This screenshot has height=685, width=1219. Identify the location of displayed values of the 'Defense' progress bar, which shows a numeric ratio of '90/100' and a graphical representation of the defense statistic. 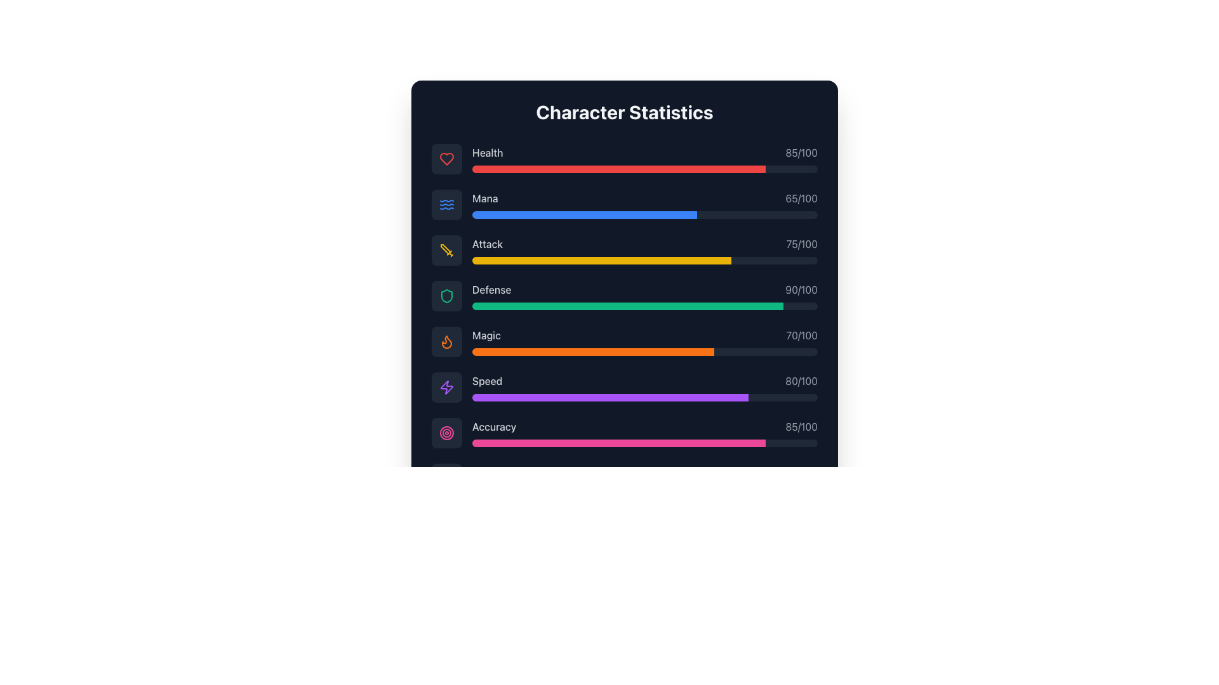
(645, 296).